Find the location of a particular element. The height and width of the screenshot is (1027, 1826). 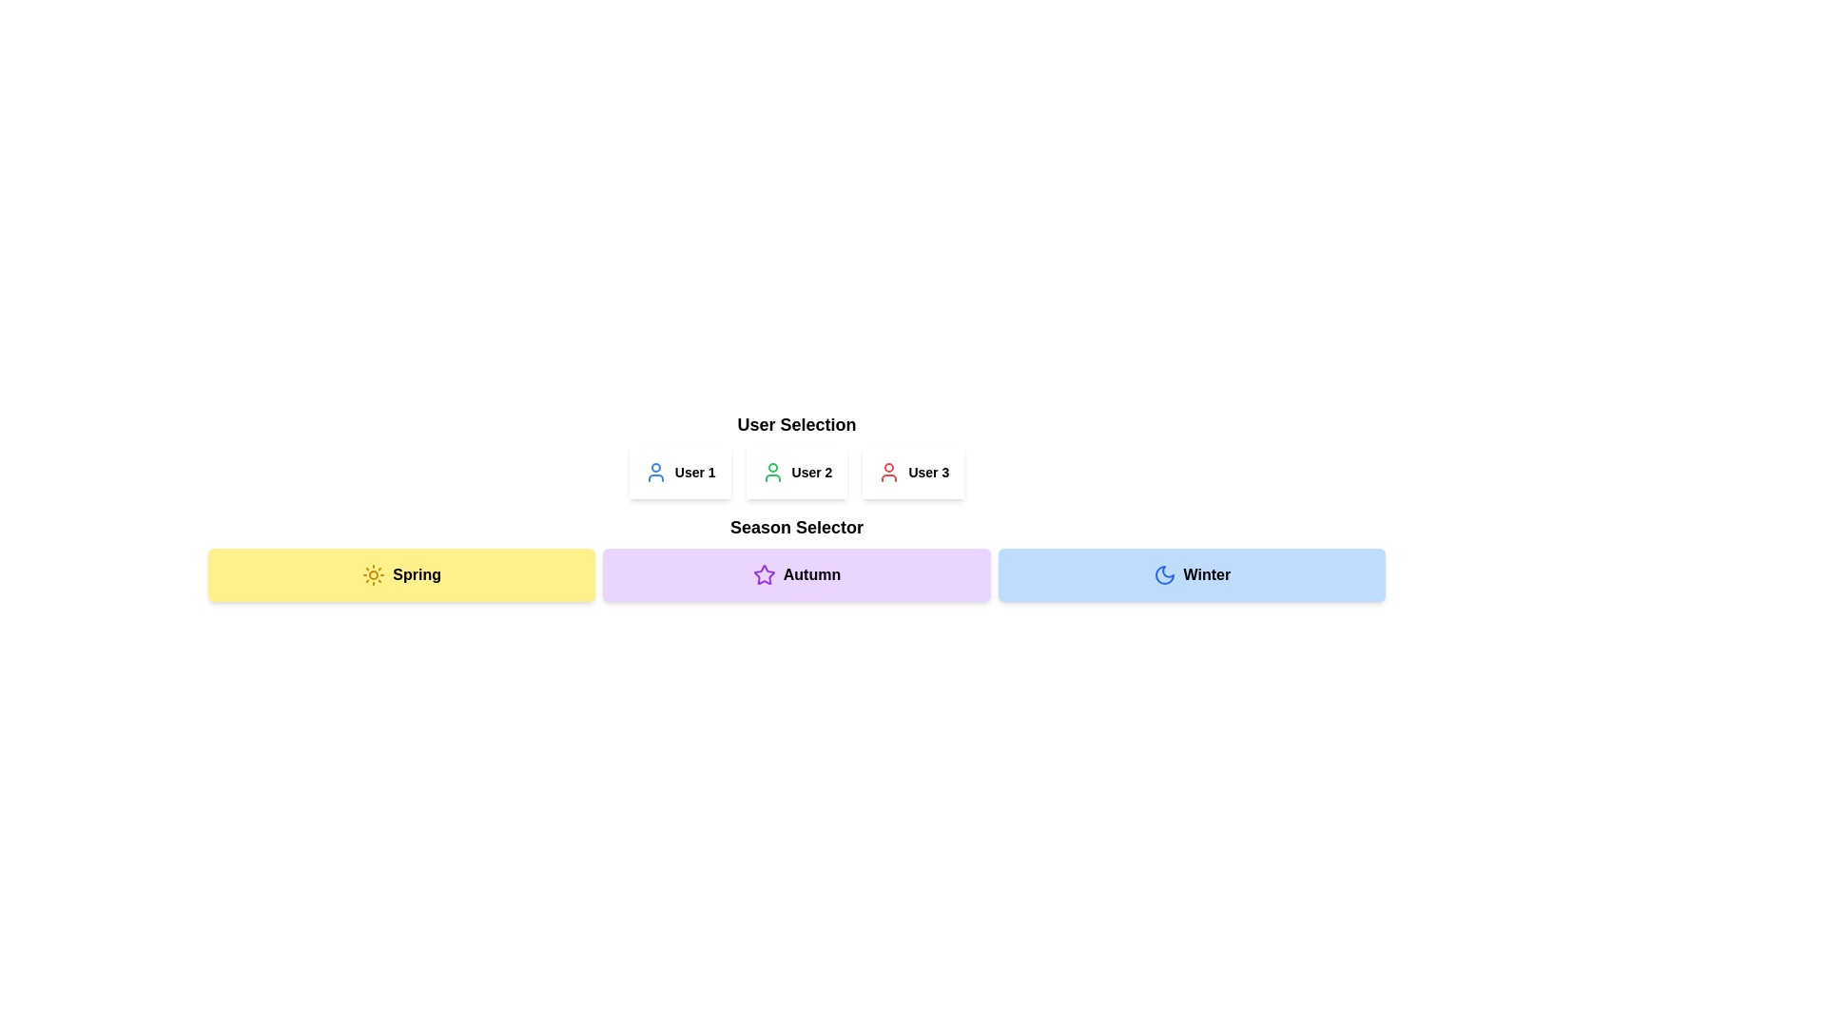

the user selection button labeled 'User 1' which features a blue user icon and bold black text is located at coordinates (680, 472).